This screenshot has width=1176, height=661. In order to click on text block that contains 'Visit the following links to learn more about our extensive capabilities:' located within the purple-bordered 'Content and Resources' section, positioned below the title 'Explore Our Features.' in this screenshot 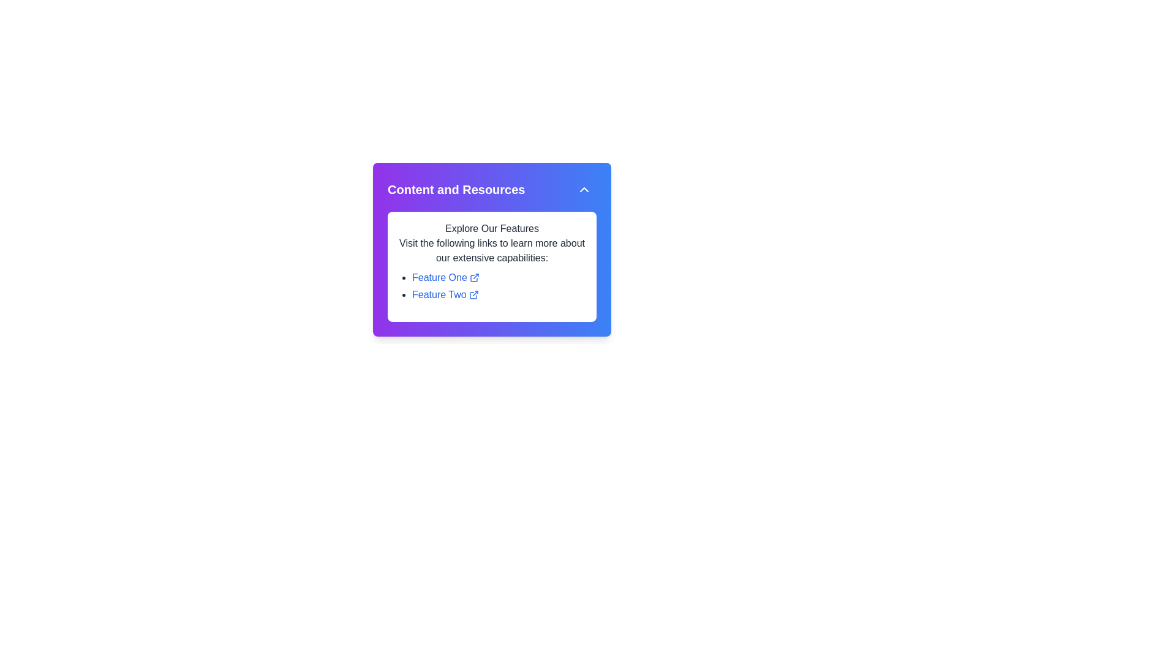, I will do `click(492, 250)`.